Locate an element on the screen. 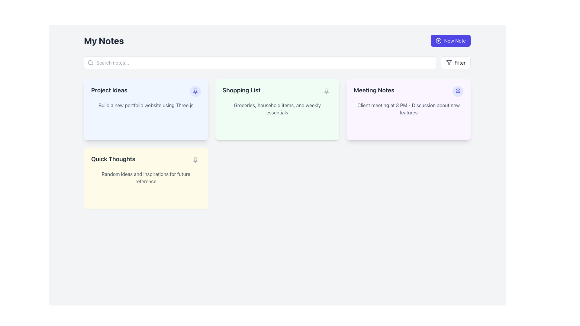  the note card representing a shopping list, which is the second card in the first row of a three-column grid, located between the blue 'Project Ideas' card and the purple 'Meeting Notes' card is located at coordinates (277, 109).